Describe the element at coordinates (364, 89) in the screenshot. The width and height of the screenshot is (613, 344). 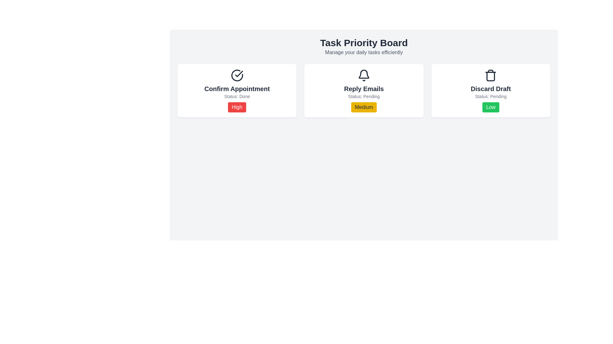
I see `the 'Reply Emails' text label, which is styled in bold sans-serif font and positioned beneath a bell icon in the middle card of a three-card grid` at that location.